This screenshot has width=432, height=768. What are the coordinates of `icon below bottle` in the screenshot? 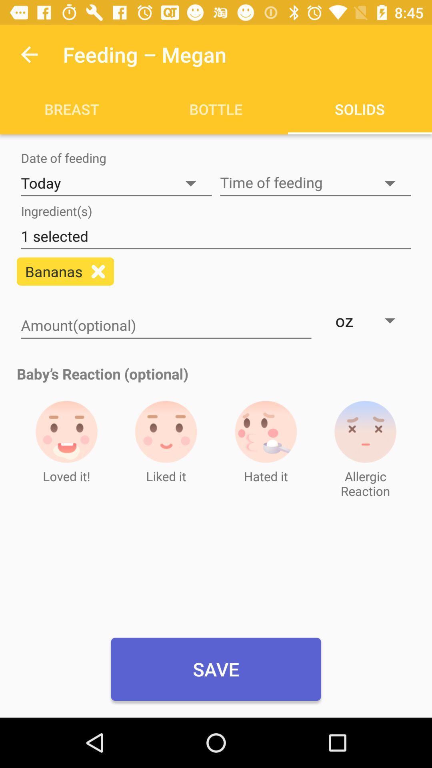 It's located at (315, 183).